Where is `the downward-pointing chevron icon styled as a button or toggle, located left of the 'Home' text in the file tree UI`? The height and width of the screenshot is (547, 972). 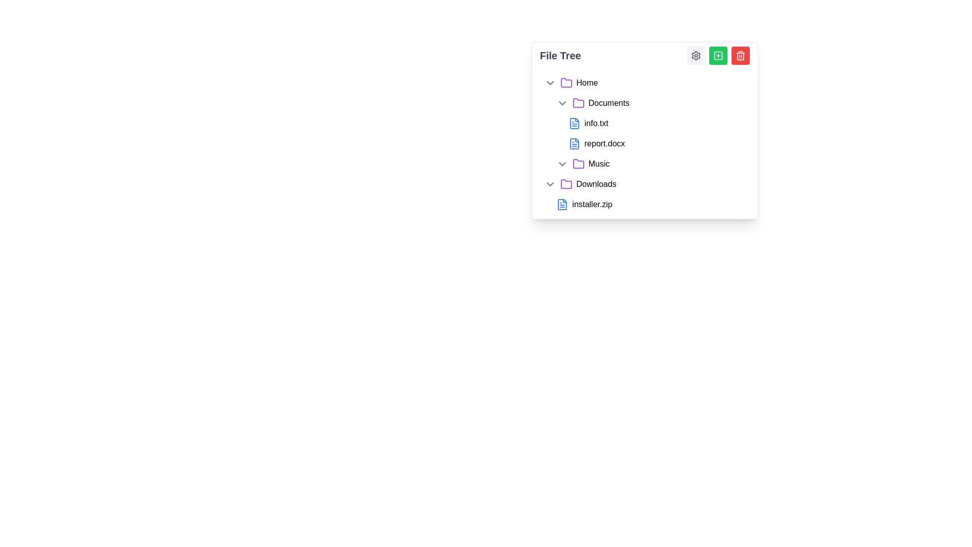
the downward-pointing chevron icon styled as a button or toggle, located left of the 'Home' text in the file tree UI is located at coordinates (549, 83).